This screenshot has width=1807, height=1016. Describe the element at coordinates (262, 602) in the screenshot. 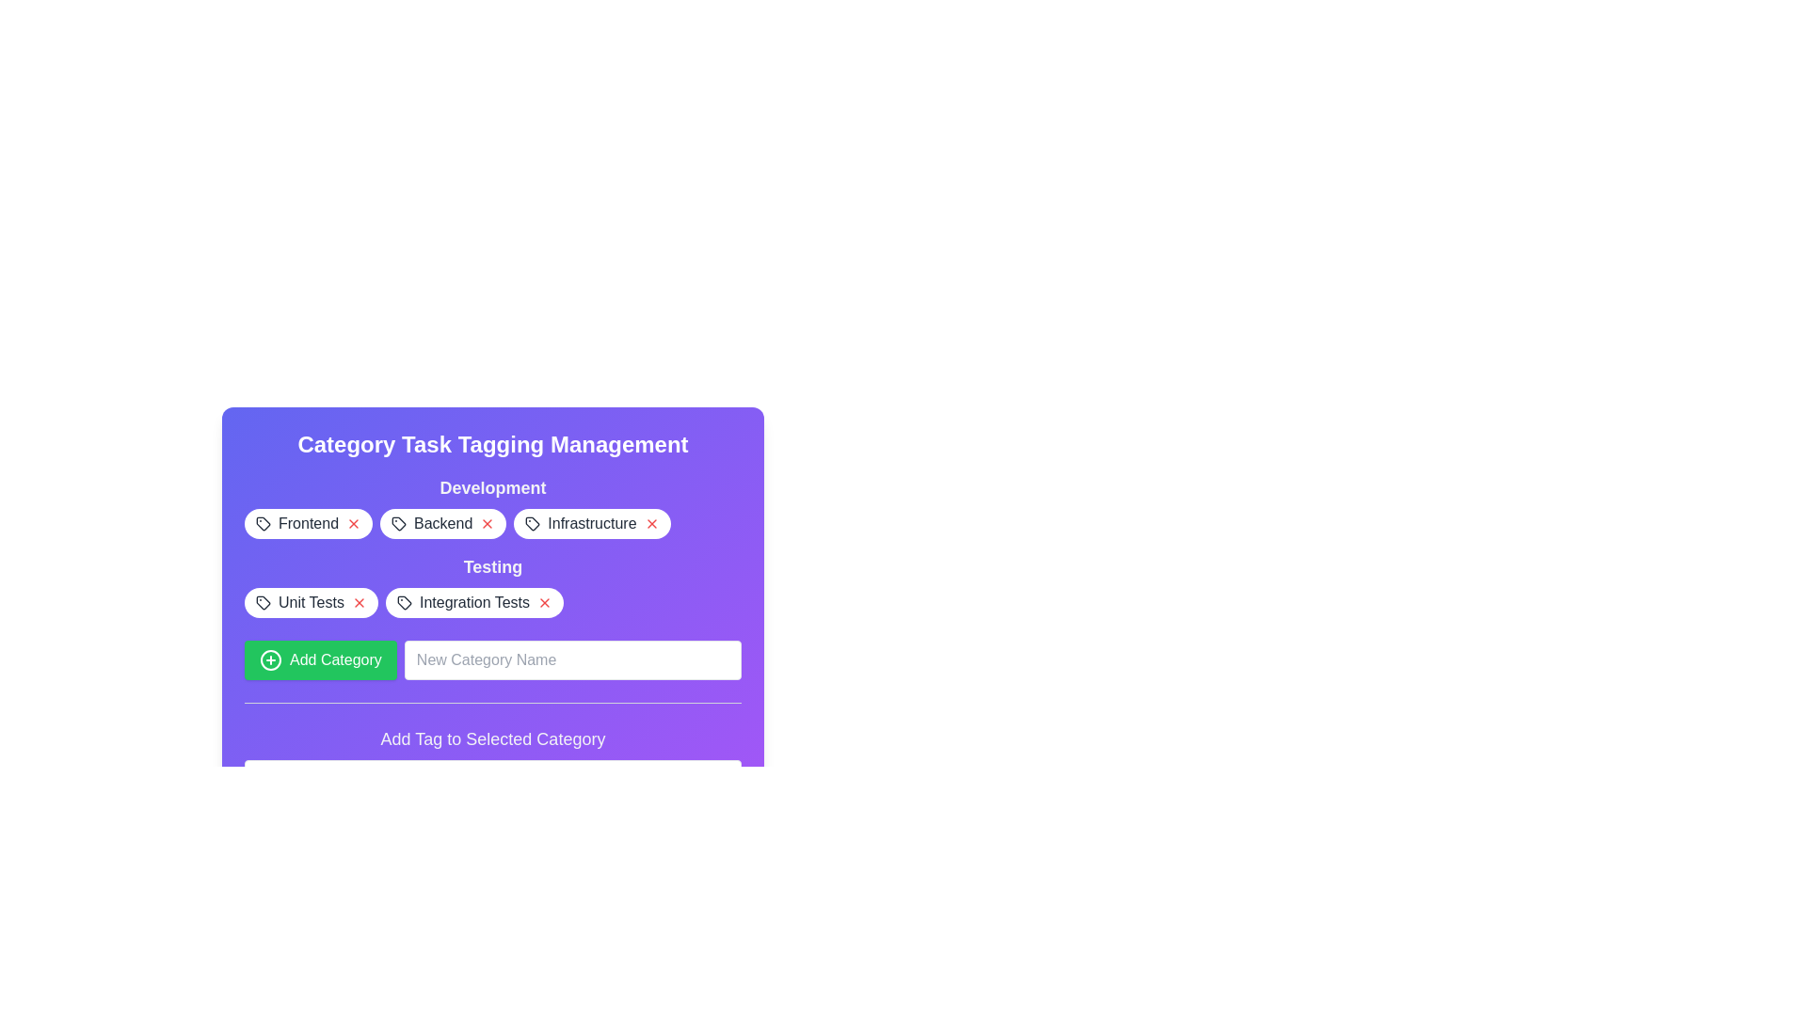

I see `the decorative tag icon located near the top of the second row of tags, beside the 'Unit Tests' and 'Integration Tests' labels, within the testing section of the layout` at that location.